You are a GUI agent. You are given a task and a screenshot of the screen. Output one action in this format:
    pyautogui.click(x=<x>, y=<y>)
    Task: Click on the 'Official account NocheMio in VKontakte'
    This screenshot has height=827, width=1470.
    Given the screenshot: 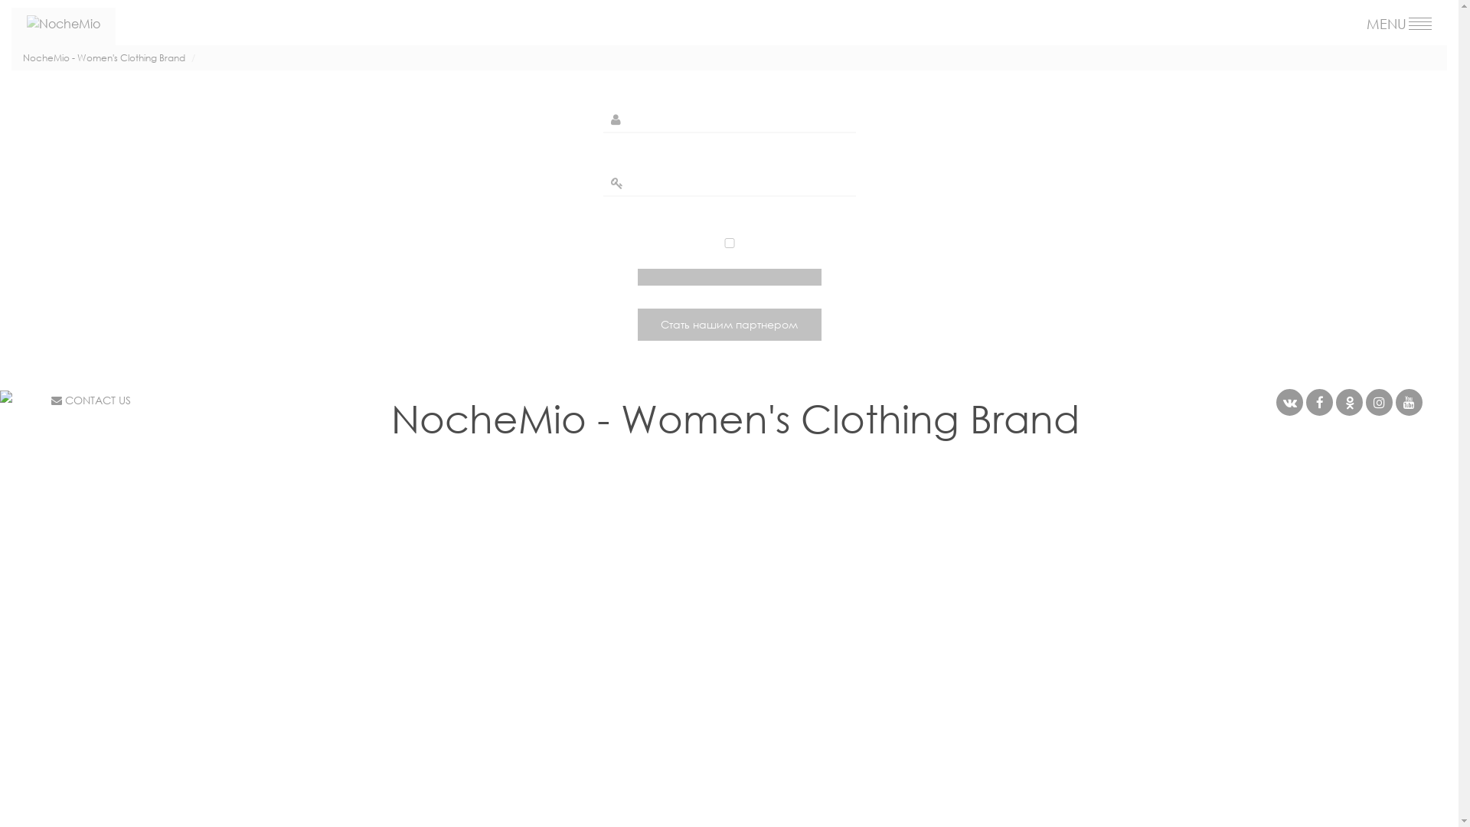 What is the action you would take?
    pyautogui.click(x=1289, y=401)
    